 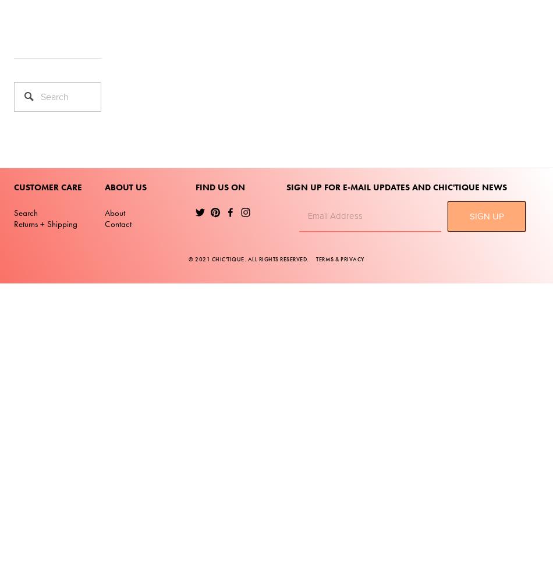 What do you see at coordinates (118, 224) in the screenshot?
I see `'Contact'` at bounding box center [118, 224].